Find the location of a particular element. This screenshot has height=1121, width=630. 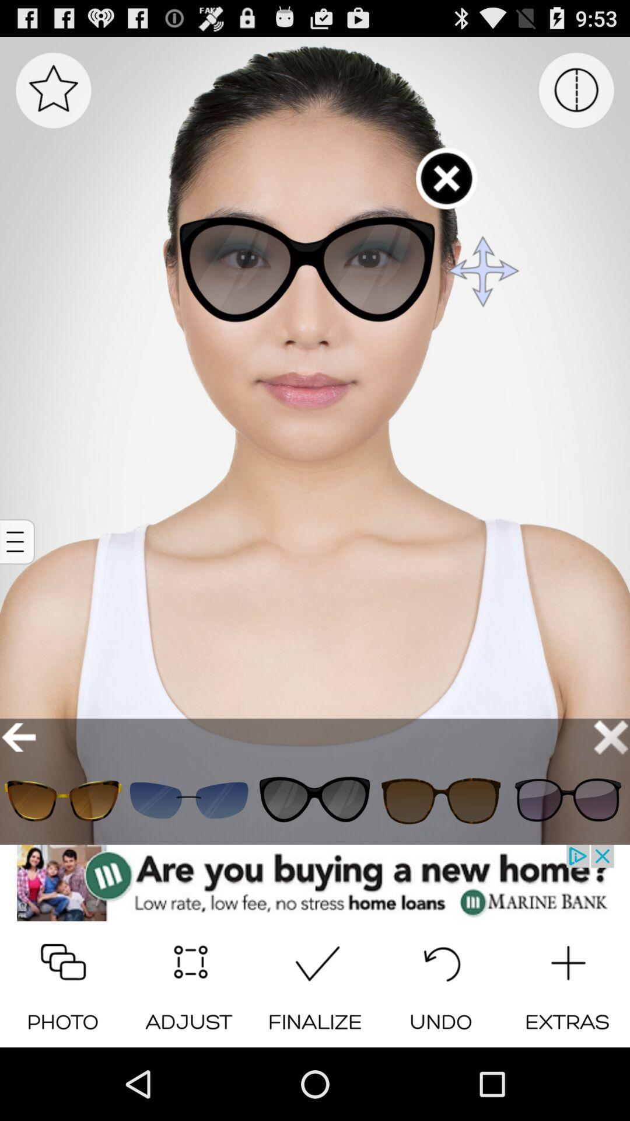

advertisement page is located at coordinates (315, 883).